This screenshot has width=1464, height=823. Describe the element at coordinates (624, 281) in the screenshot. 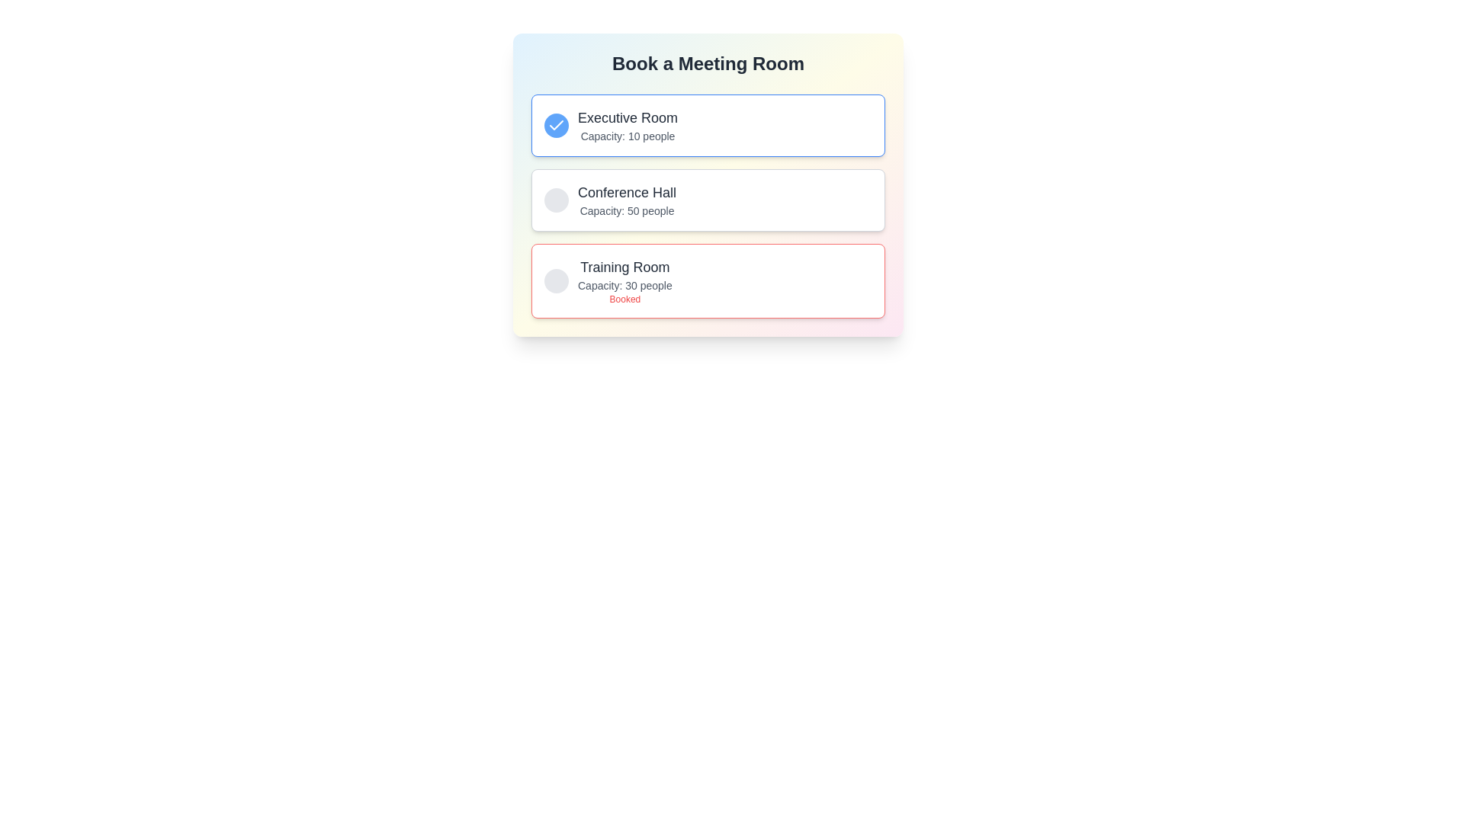

I see `details of the informational label displaying 'Training Room', including its capacity '30 people' and status 'Booked'` at that location.